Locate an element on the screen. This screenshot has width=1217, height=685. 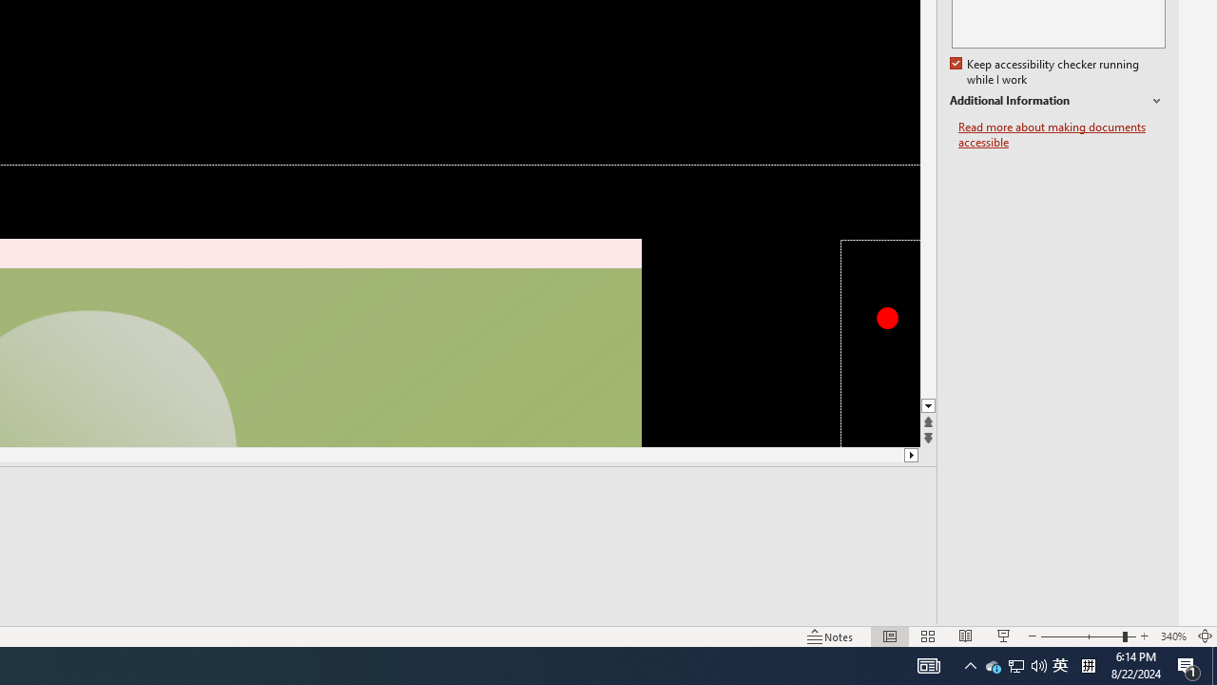
'Additional Information' is located at coordinates (1056, 101).